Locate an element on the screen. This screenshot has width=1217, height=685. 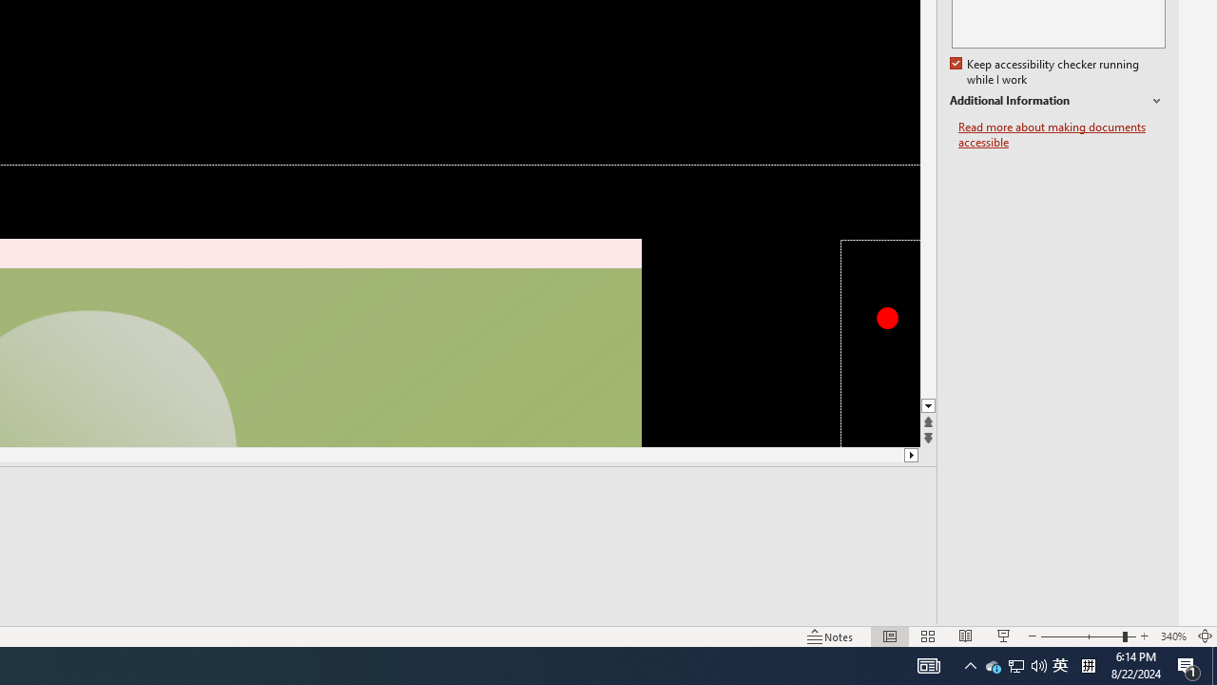
'Additional Information' is located at coordinates (1056, 101).